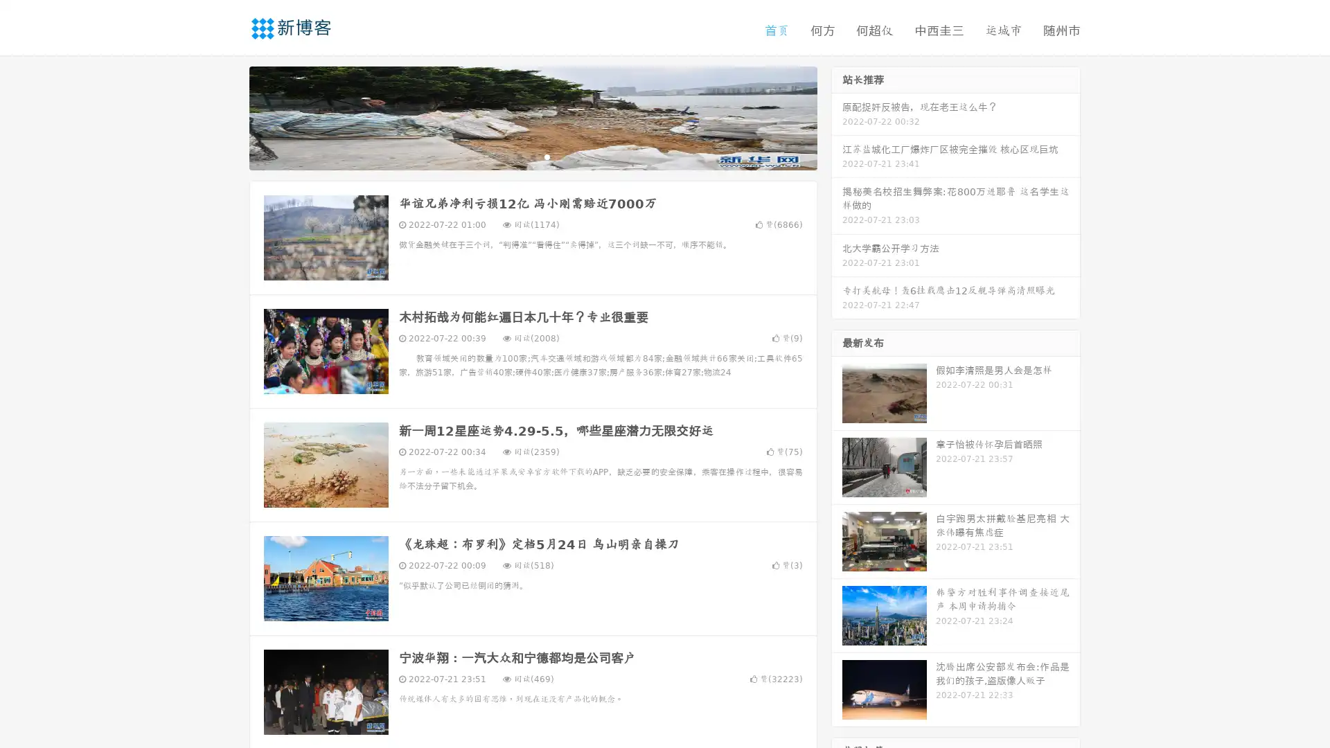  What do you see at coordinates (532, 156) in the screenshot?
I see `Go to slide 2` at bounding box center [532, 156].